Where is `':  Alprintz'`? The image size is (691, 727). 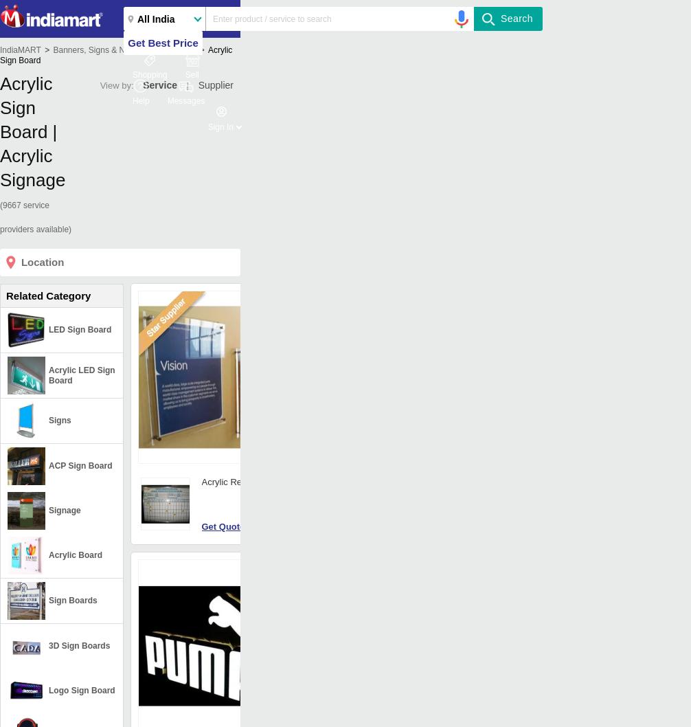
':  Alprintz' is located at coordinates (367, 394).